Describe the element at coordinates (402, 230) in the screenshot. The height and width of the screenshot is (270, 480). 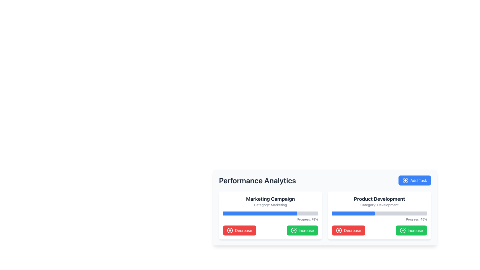
I see `the green 'Increase' button containing the checkmark icon to perform an action` at that location.